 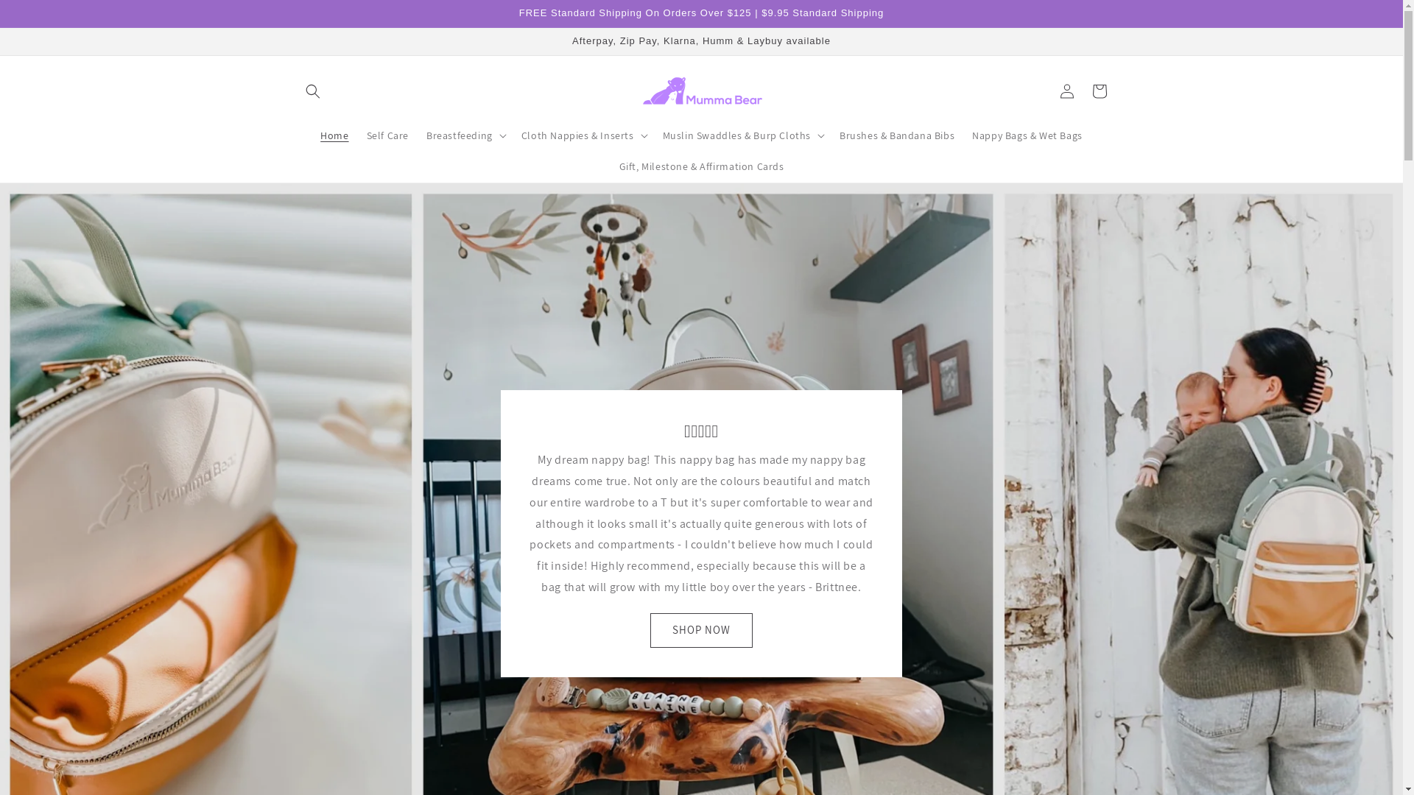 I want to click on 'Brushes & Bandana Bibs', so click(x=896, y=135).